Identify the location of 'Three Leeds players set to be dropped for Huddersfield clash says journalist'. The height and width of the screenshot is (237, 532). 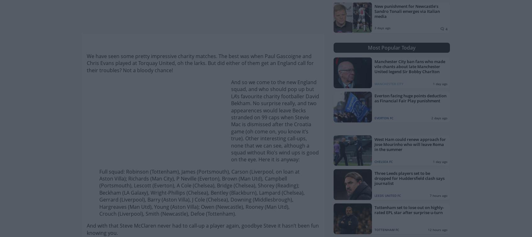
(409, 178).